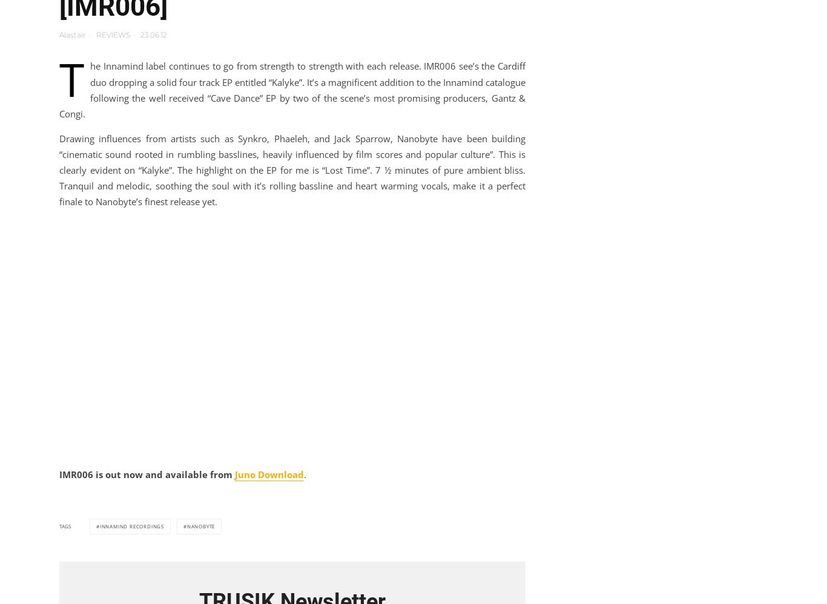 The width and height of the screenshot is (827, 604). Describe the element at coordinates (304, 473) in the screenshot. I see `'.'` at that location.